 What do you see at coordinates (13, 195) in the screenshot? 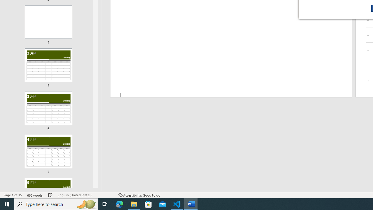
I see `'Page Number Page 1 of 15'` at bounding box center [13, 195].